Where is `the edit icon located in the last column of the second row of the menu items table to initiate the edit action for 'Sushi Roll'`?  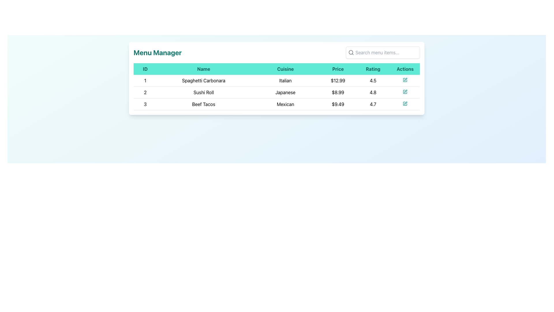
the edit icon located in the last column of the second row of the menu items table to initiate the edit action for 'Sushi Roll' is located at coordinates (405, 92).